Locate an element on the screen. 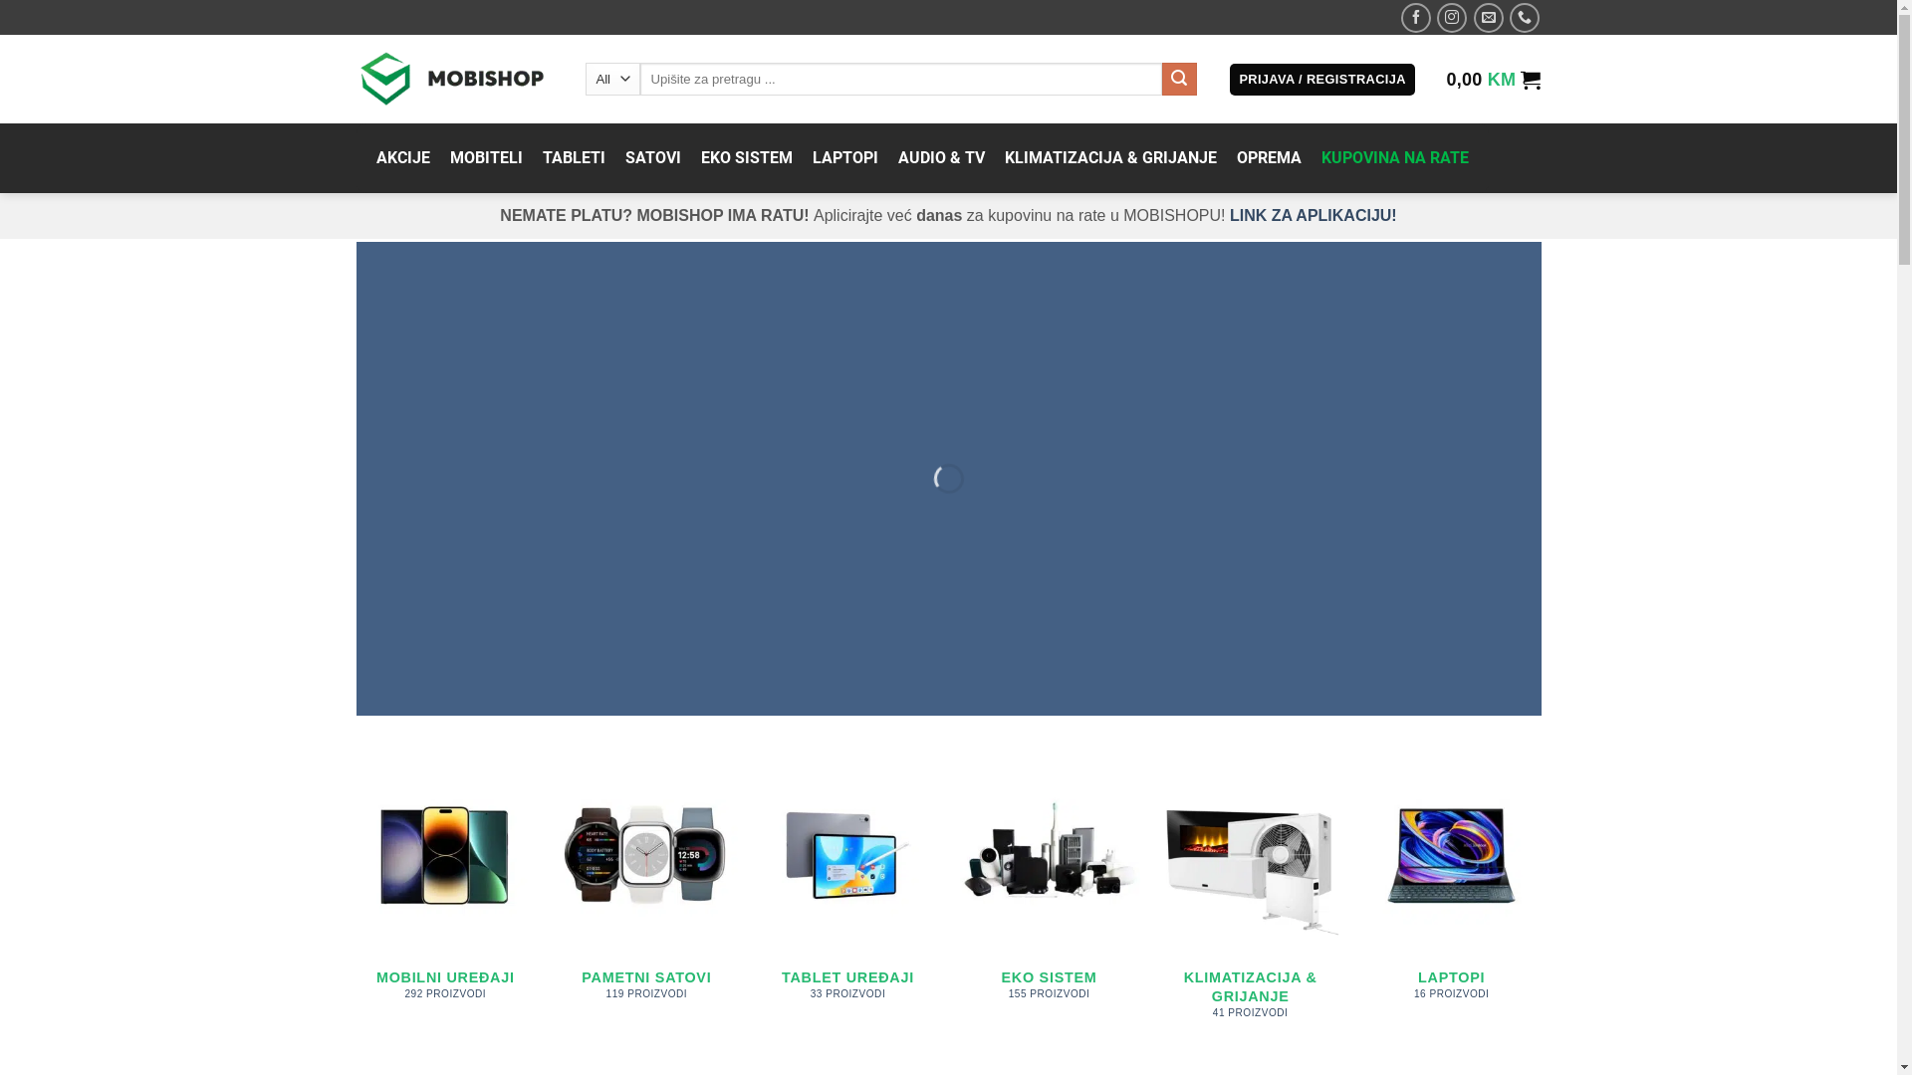 The height and width of the screenshot is (1075, 1912). 'AUDIO & TV' is located at coordinates (940, 156).